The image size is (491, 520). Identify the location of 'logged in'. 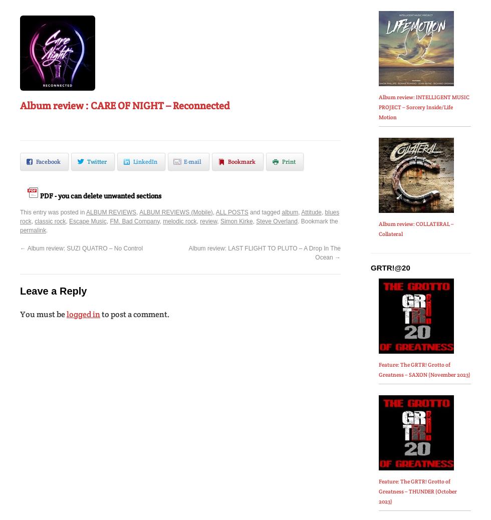
(83, 313).